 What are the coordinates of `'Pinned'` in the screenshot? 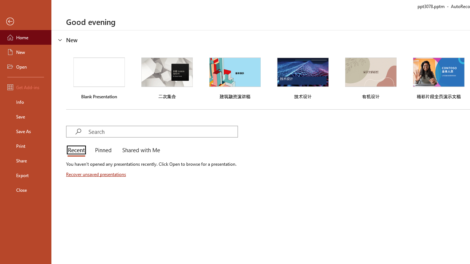 It's located at (102, 150).